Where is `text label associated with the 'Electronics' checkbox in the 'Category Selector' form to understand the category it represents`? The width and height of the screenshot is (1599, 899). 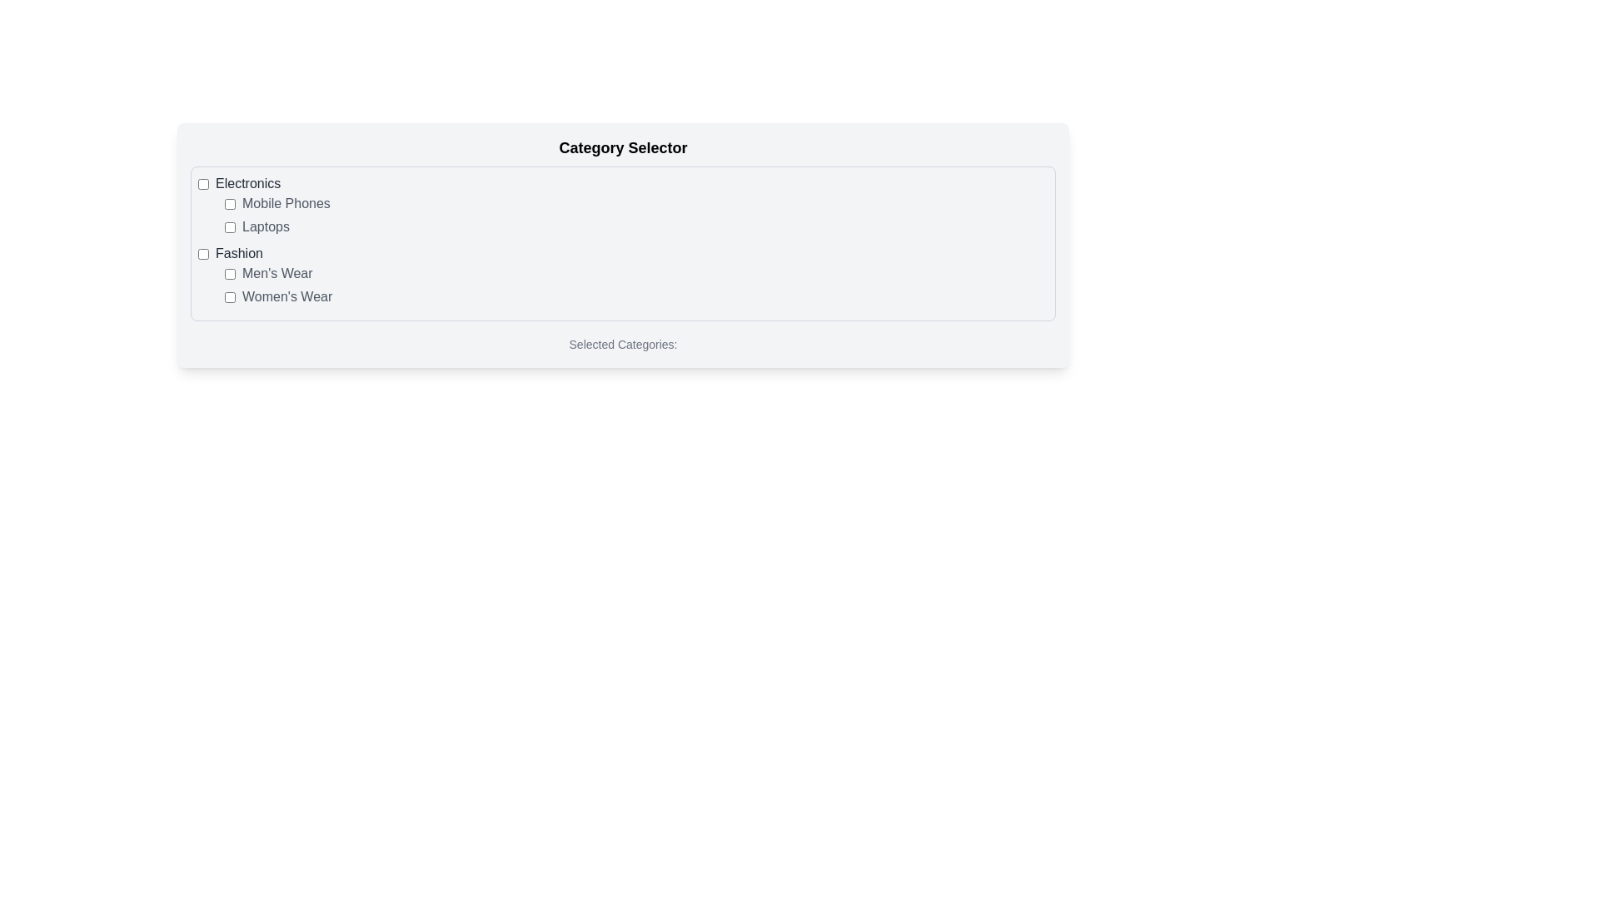
text label associated with the 'Electronics' checkbox in the 'Category Selector' form to understand the category it represents is located at coordinates (247, 183).